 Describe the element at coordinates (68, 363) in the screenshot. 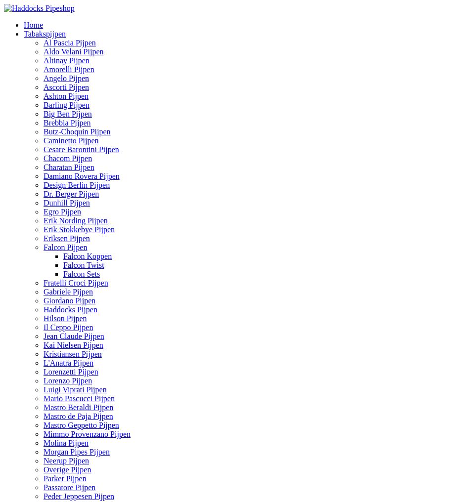

I see `'L'Anatra Pijpen'` at that location.